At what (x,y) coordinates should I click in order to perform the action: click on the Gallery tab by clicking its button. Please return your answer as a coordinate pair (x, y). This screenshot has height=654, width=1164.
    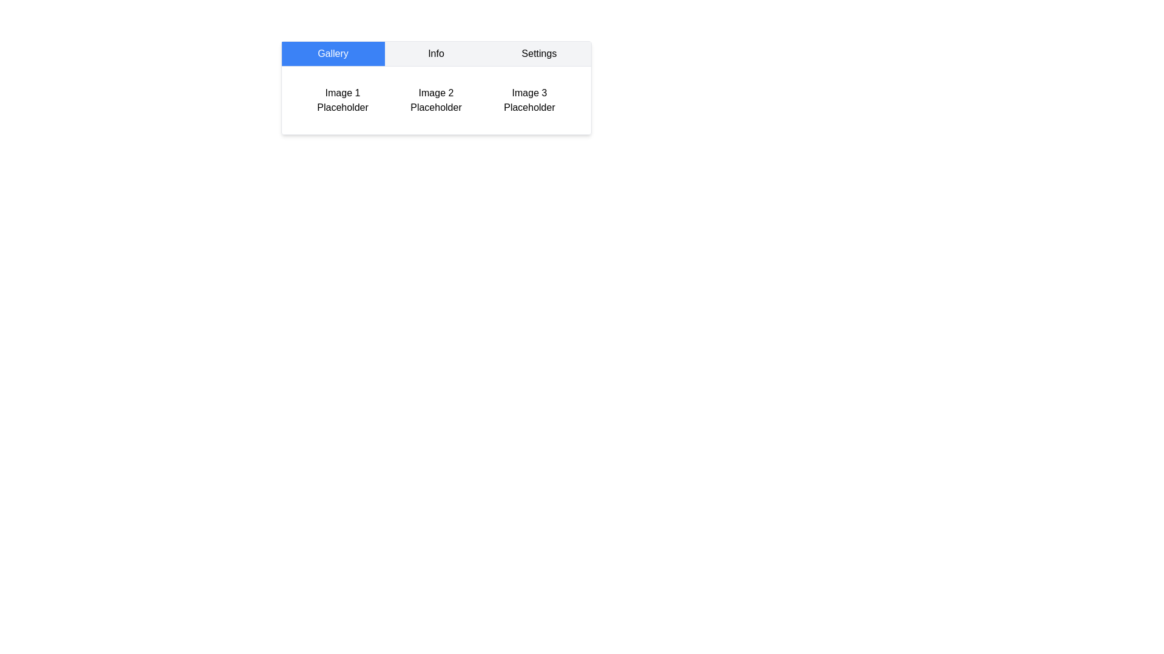
    Looking at the image, I should click on (333, 53).